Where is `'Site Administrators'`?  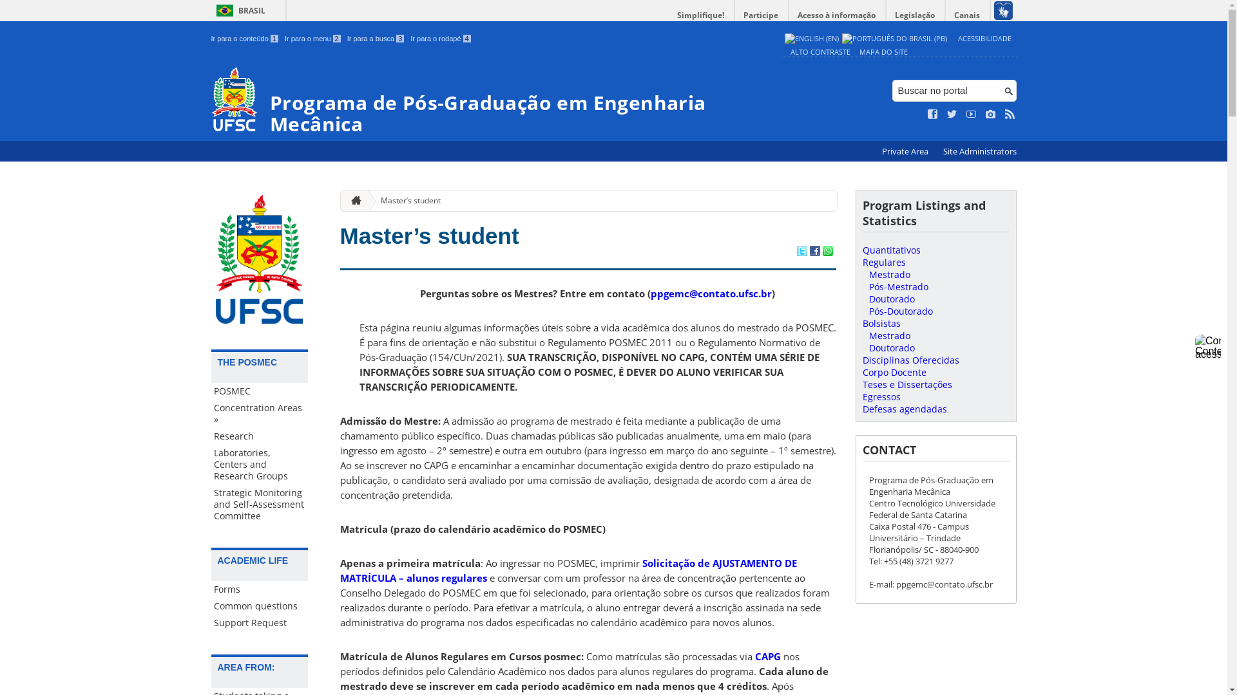
'Site Administrators' is located at coordinates (937, 151).